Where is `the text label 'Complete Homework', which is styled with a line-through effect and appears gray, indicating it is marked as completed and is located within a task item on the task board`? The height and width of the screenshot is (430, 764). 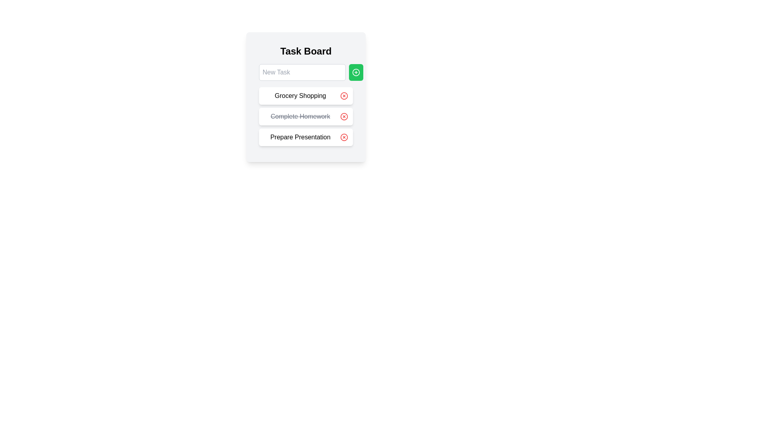 the text label 'Complete Homework', which is styled with a line-through effect and appears gray, indicating it is marked as completed and is located within a task item on the task board is located at coordinates (300, 117).